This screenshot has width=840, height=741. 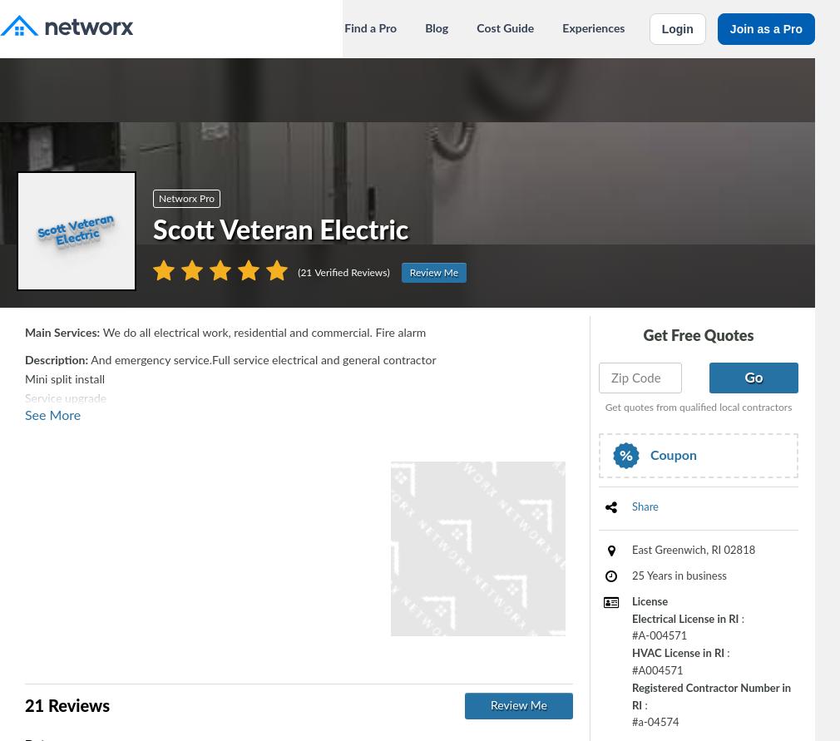 I want to click on 'Zip Code', so click(x=635, y=377).